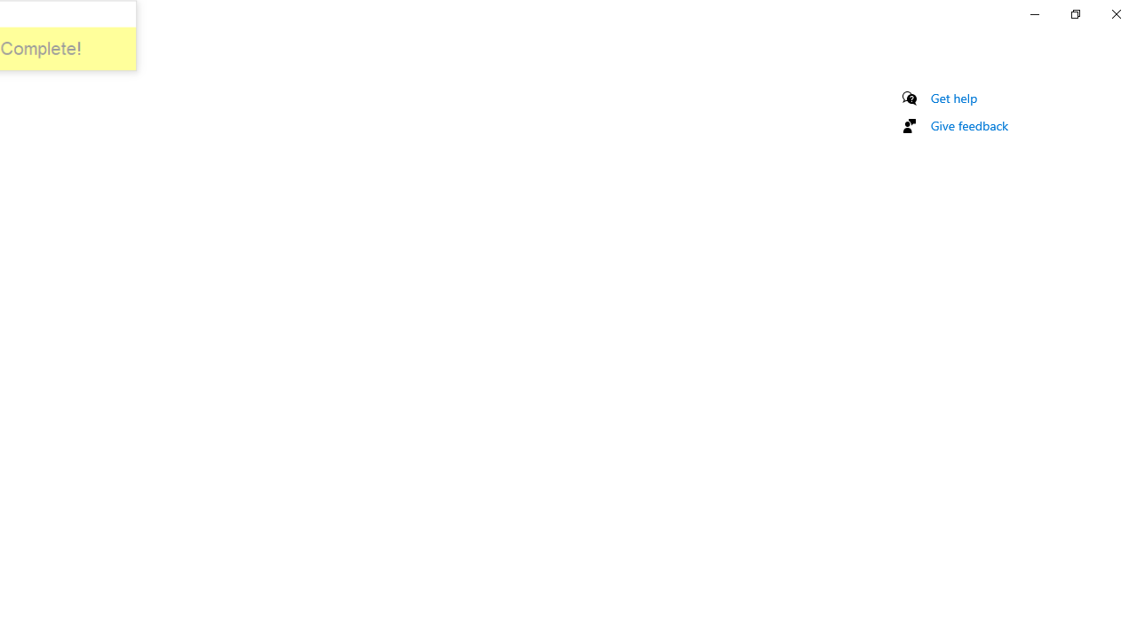 The image size is (1137, 639). I want to click on 'Get help', so click(953, 98).